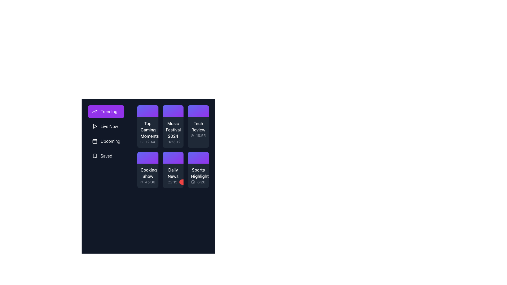  Describe the element at coordinates (148, 141) in the screenshot. I see `the text label with a clock icon displaying the duration or timestamp associated with the 'Top Gaming Moments' card located in the 'Trending' section` at that location.